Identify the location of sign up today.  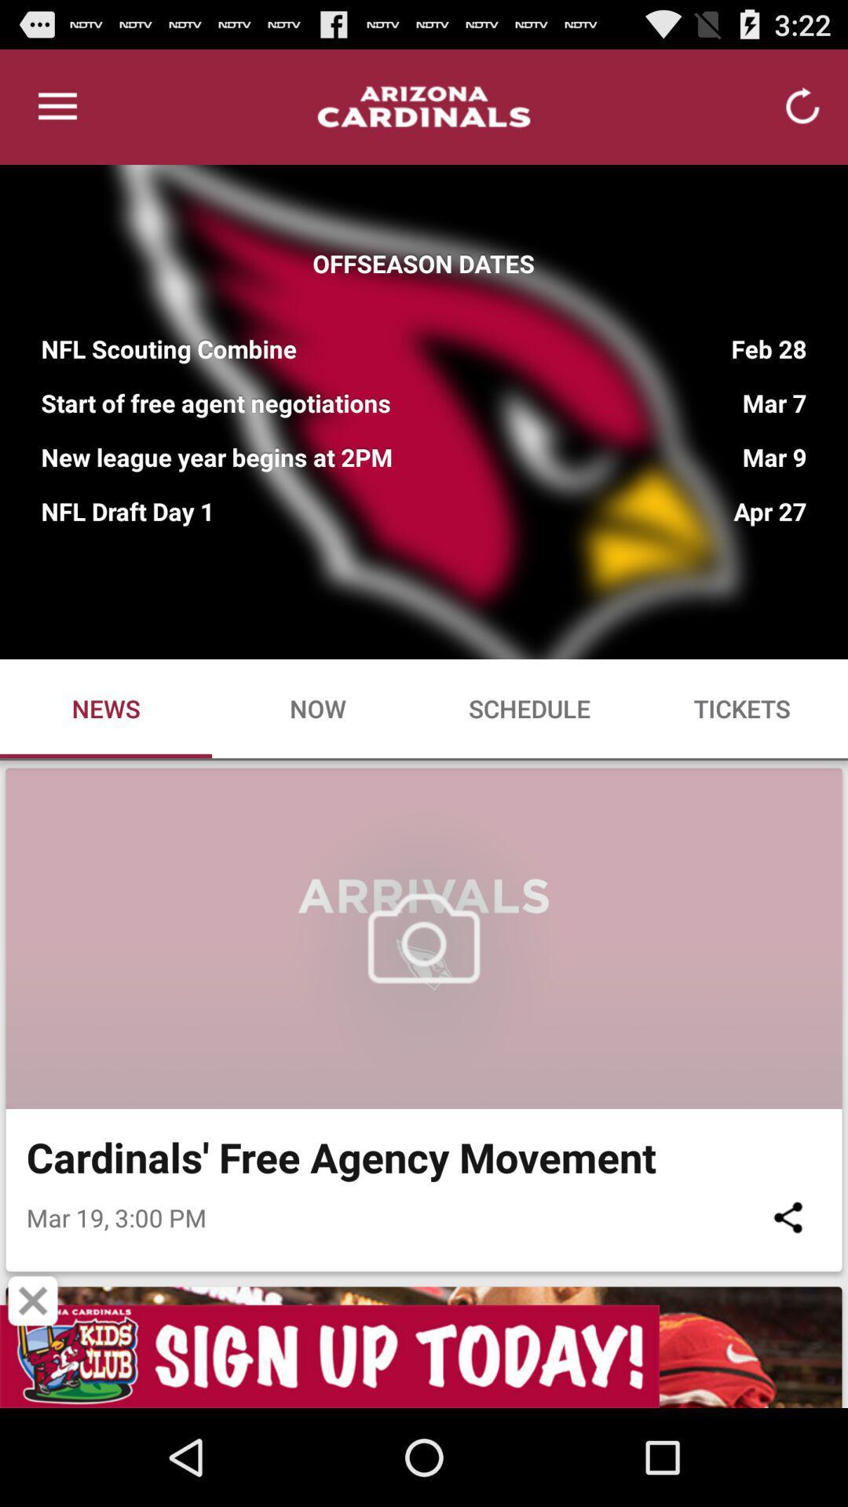
(424, 1356).